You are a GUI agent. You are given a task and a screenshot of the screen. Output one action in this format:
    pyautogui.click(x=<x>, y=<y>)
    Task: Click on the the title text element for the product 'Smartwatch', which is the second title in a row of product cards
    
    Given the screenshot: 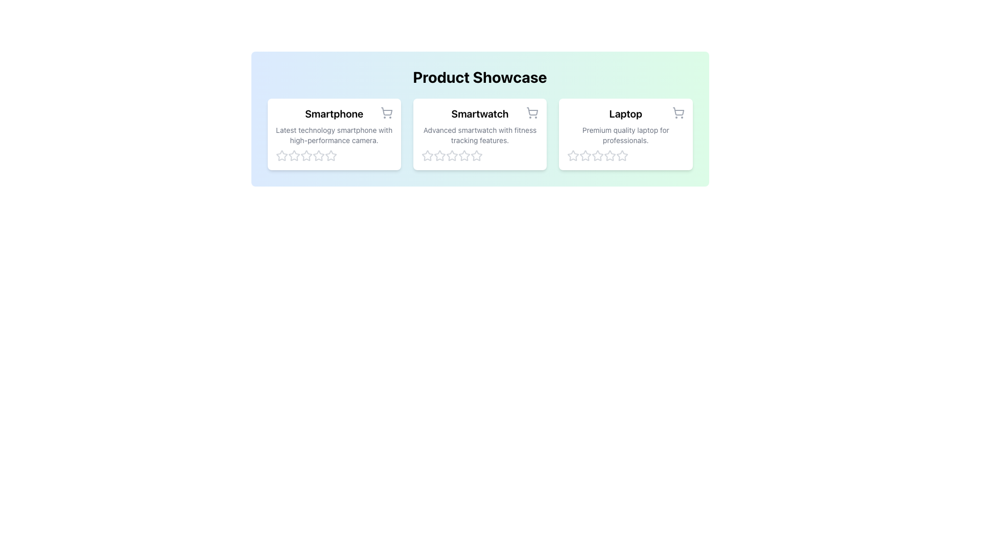 What is the action you would take?
    pyautogui.click(x=479, y=114)
    